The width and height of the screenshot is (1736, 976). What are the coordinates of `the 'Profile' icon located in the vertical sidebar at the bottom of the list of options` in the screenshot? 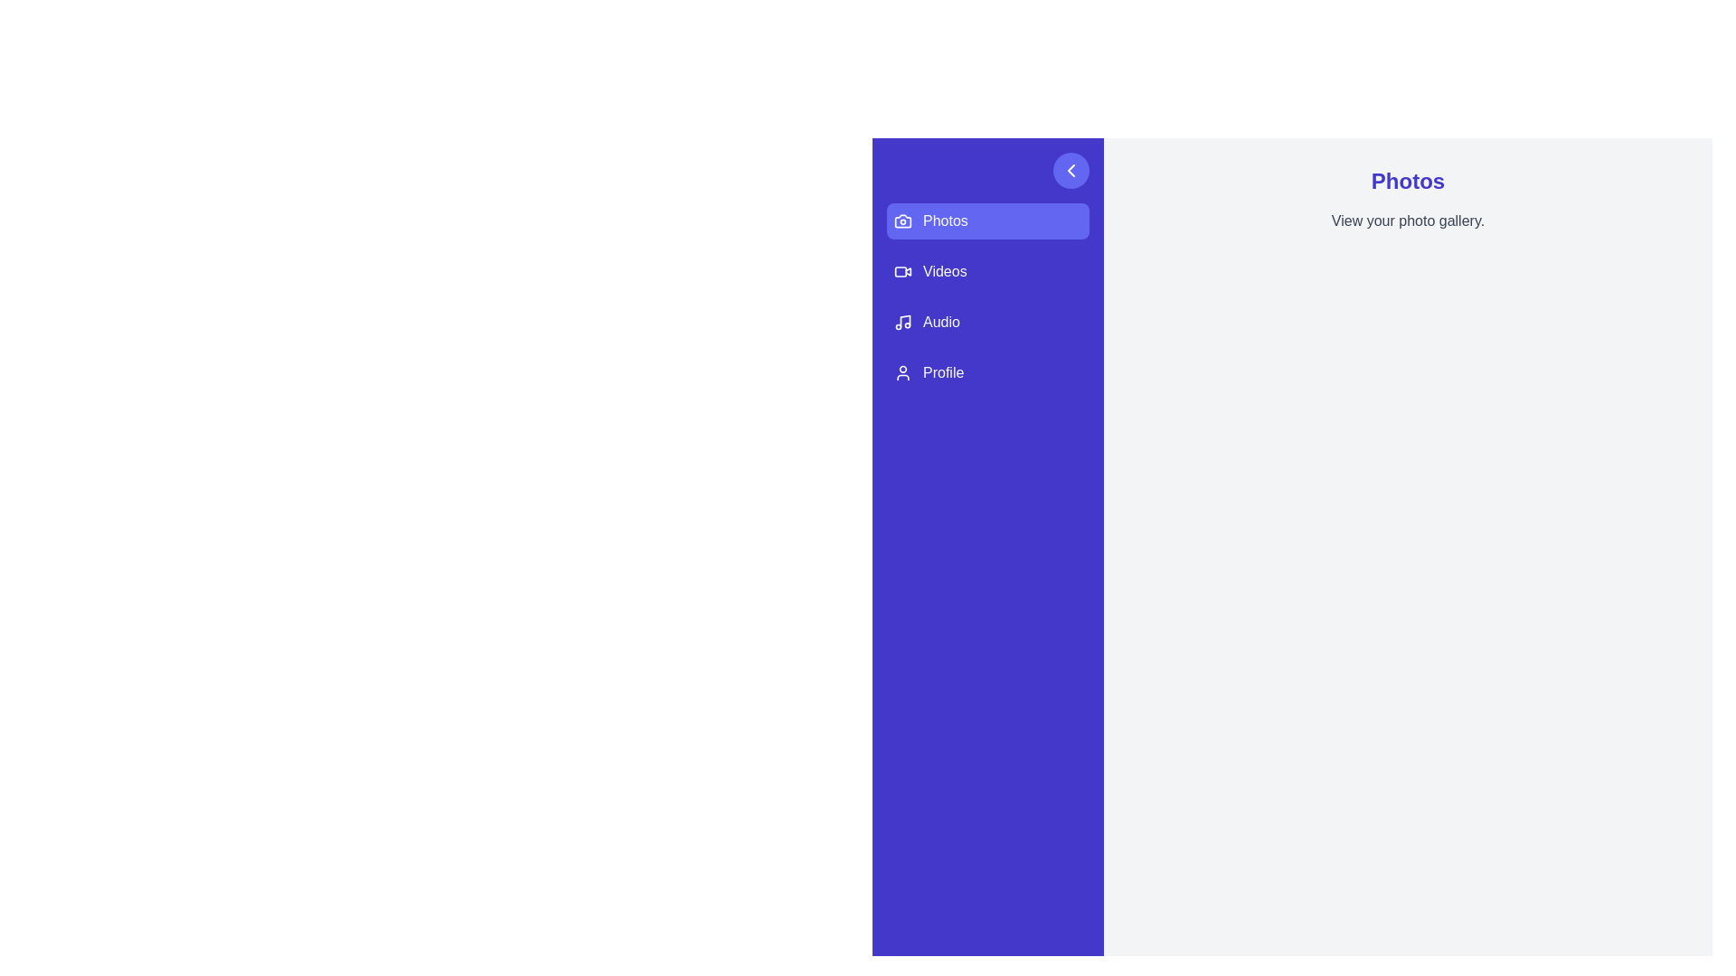 It's located at (902, 371).